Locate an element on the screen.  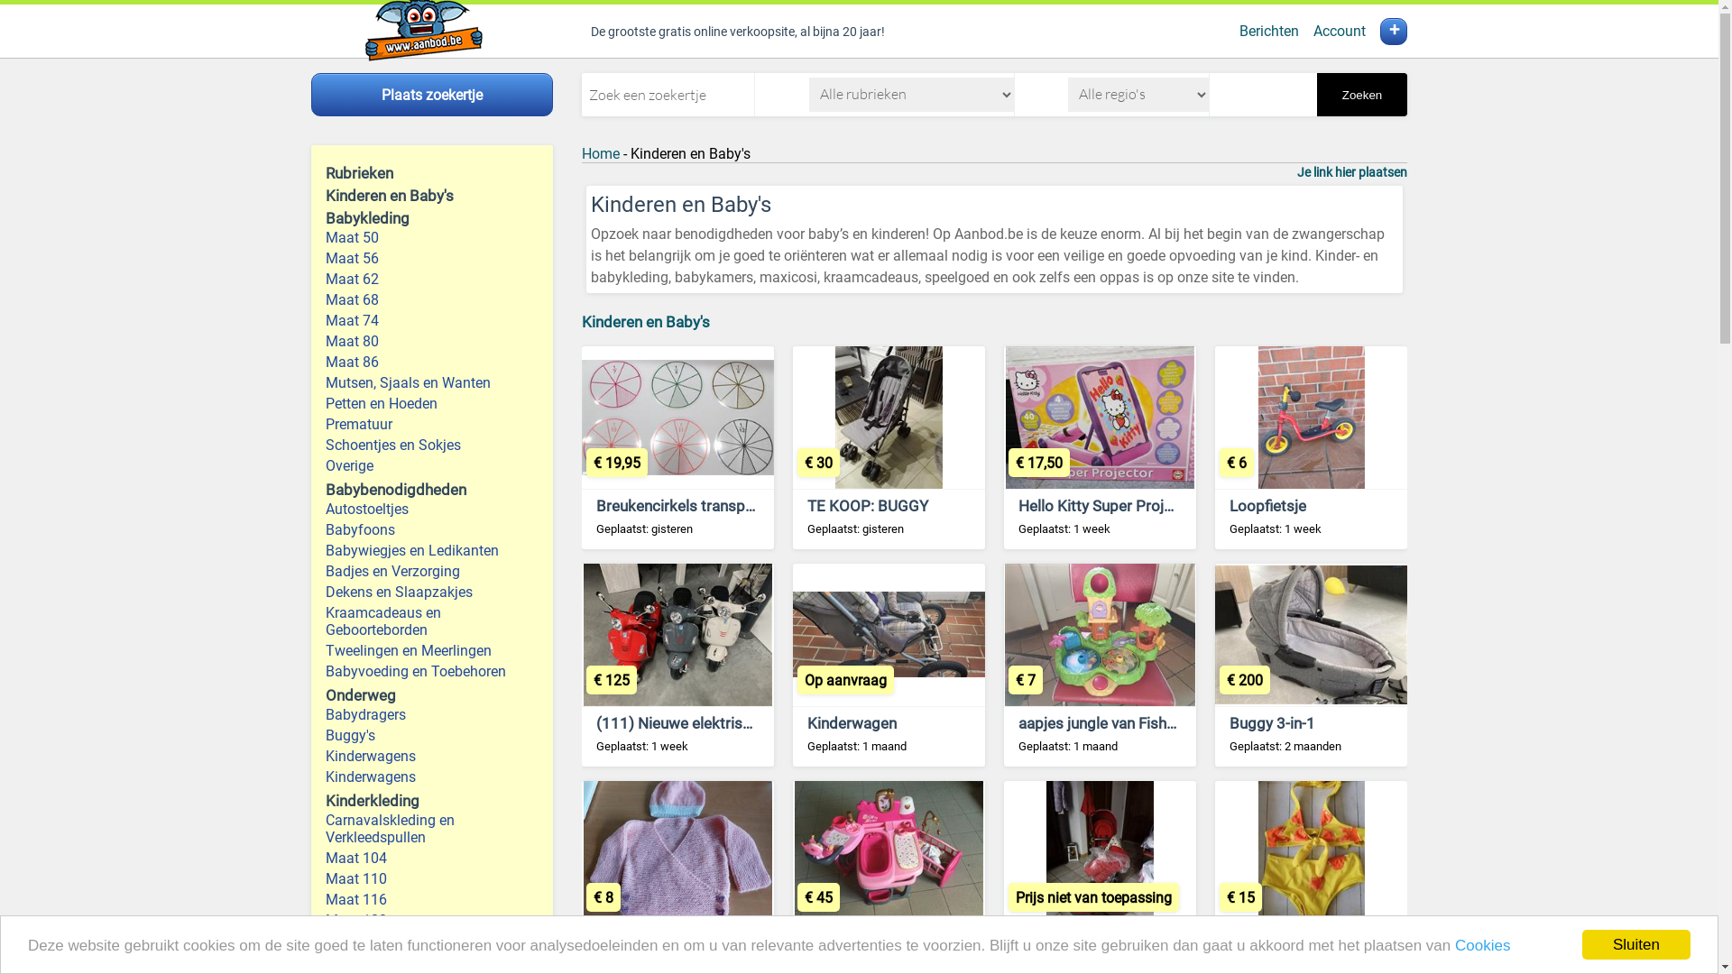
'+' is located at coordinates (1393, 31).